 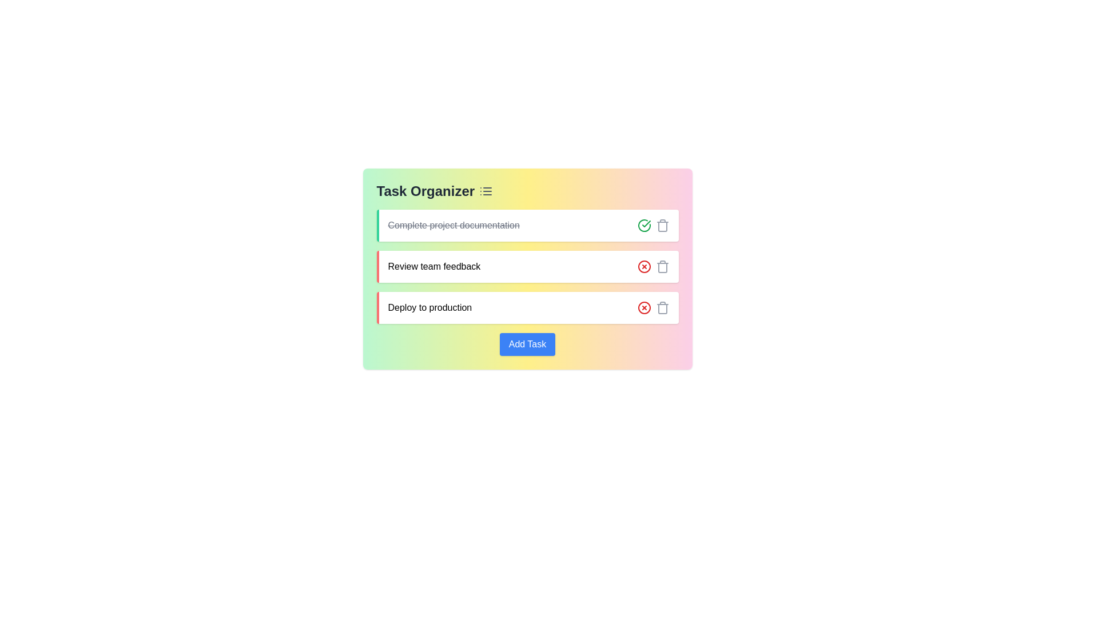 I want to click on the circular red icon with an 'X' symbol indicating deletion, located to the right of the task text 'Review team feedback' in the second task row, so click(x=644, y=307).